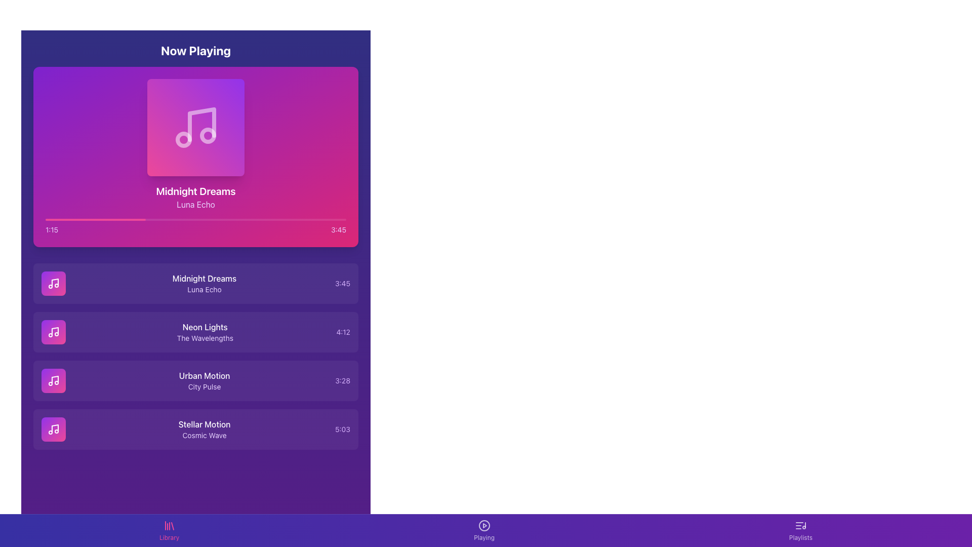 The height and width of the screenshot is (547, 972). Describe the element at coordinates (53, 332) in the screenshot. I see `the music note icon with a circular gradient background, located to the left of the text 'Neon Lights' and 'The Wavelengths' in the second track row to interact` at that location.